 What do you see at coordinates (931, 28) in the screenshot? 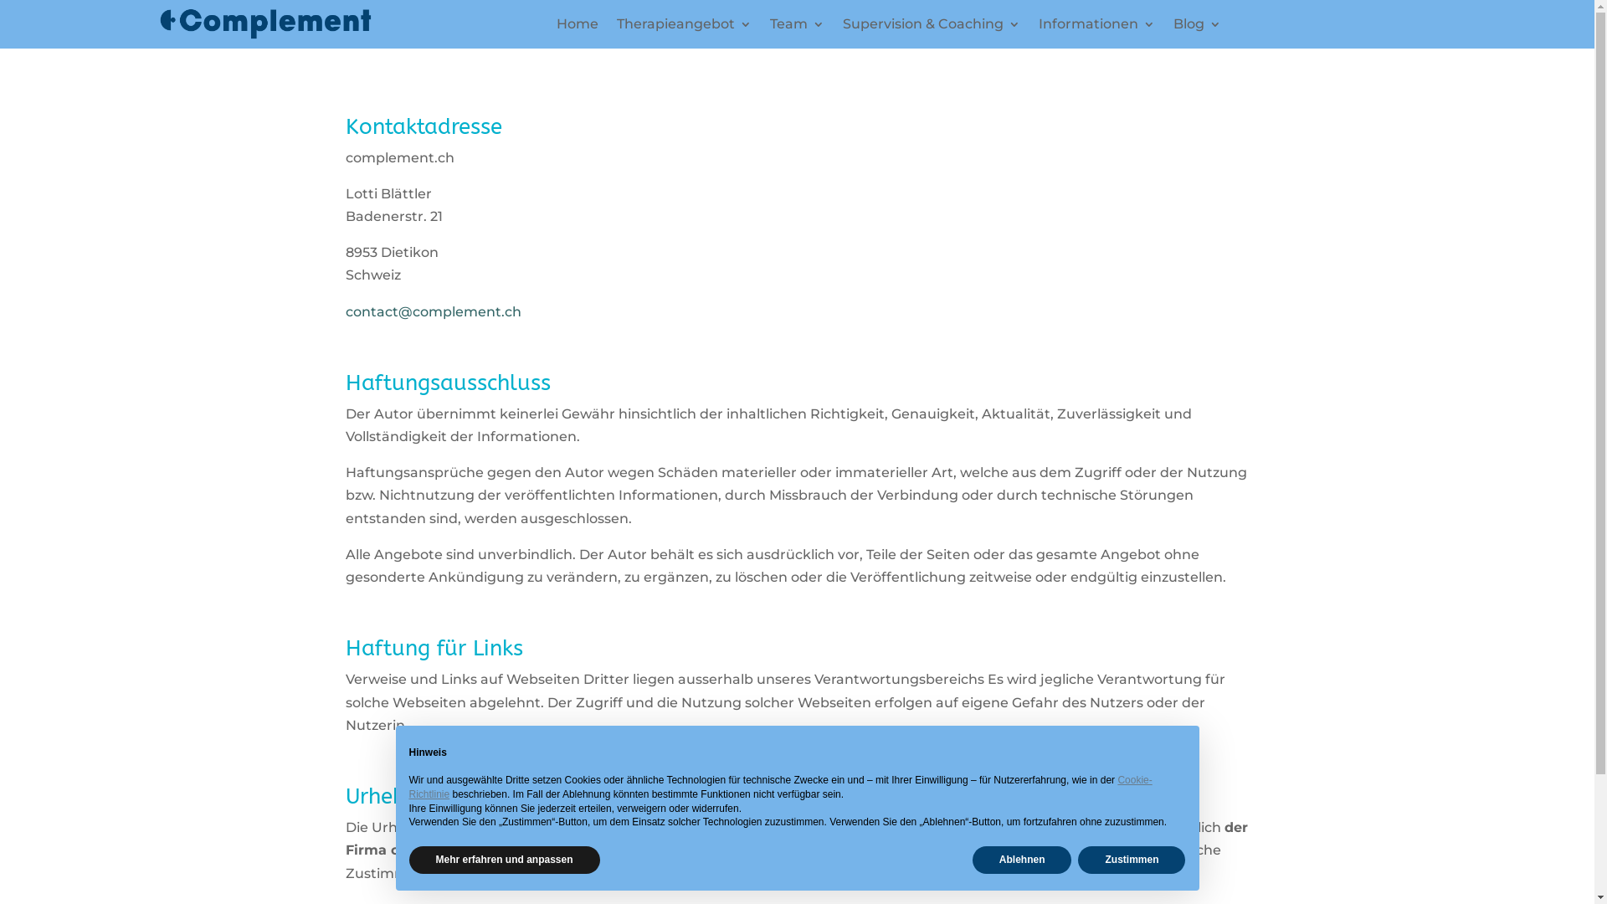
I see `'Supervision & Coaching'` at bounding box center [931, 28].